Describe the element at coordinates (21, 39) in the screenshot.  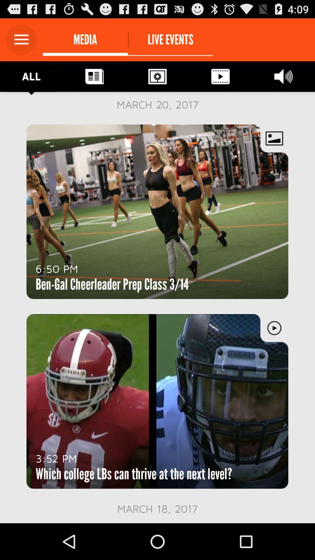
I see `drop down menu for options` at that location.